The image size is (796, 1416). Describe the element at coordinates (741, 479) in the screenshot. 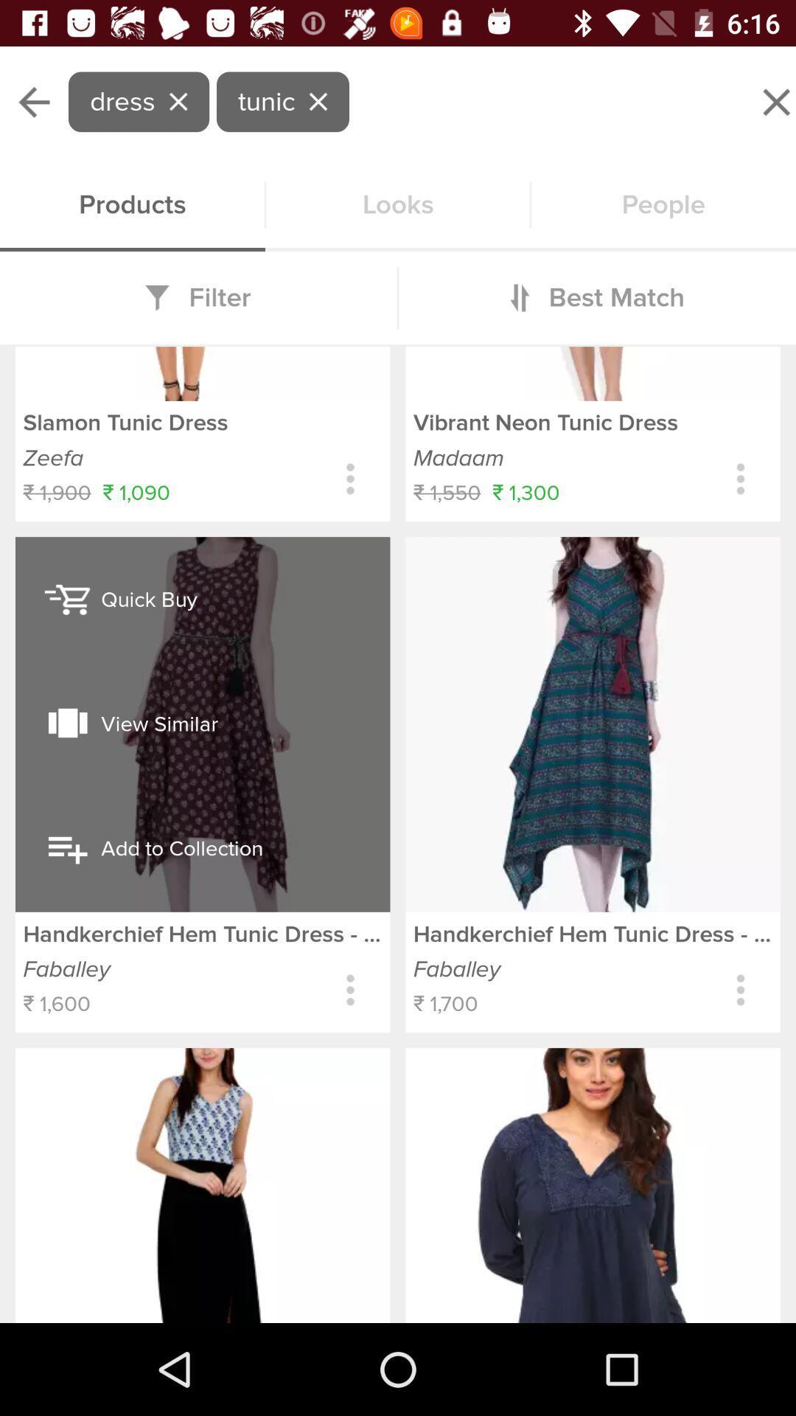

I see `to view the product details` at that location.